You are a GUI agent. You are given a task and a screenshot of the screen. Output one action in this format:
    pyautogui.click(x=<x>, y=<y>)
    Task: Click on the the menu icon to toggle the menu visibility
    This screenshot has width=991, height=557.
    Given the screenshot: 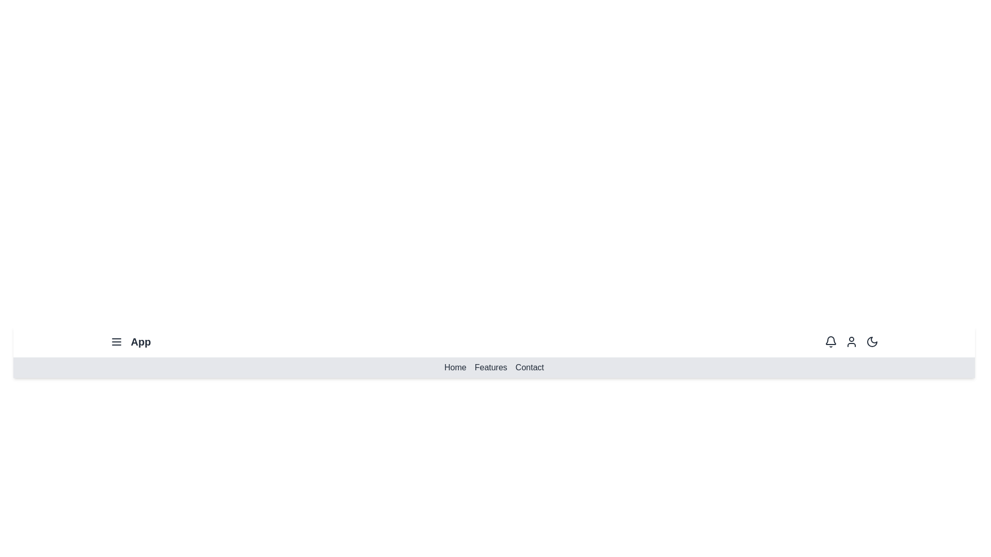 What is the action you would take?
    pyautogui.click(x=116, y=342)
    